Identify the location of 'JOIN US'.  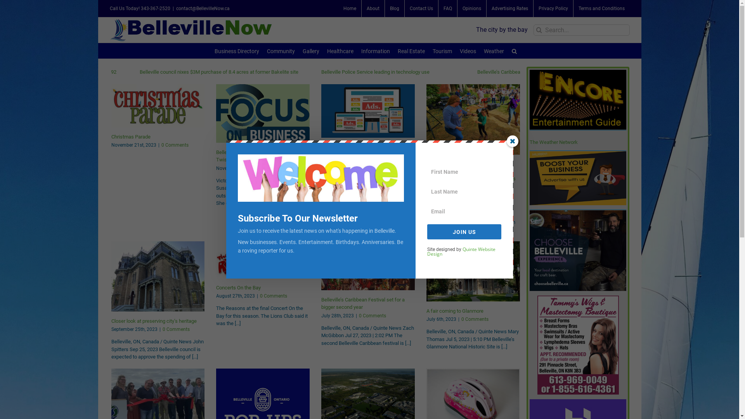
(464, 231).